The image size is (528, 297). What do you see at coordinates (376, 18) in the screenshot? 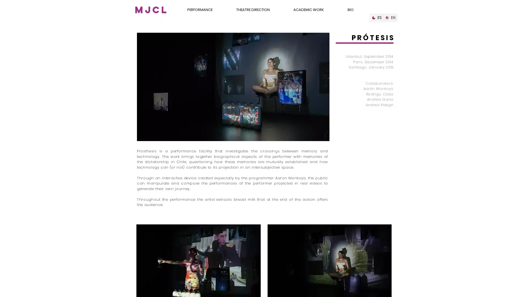
I see `Spanish` at bounding box center [376, 18].